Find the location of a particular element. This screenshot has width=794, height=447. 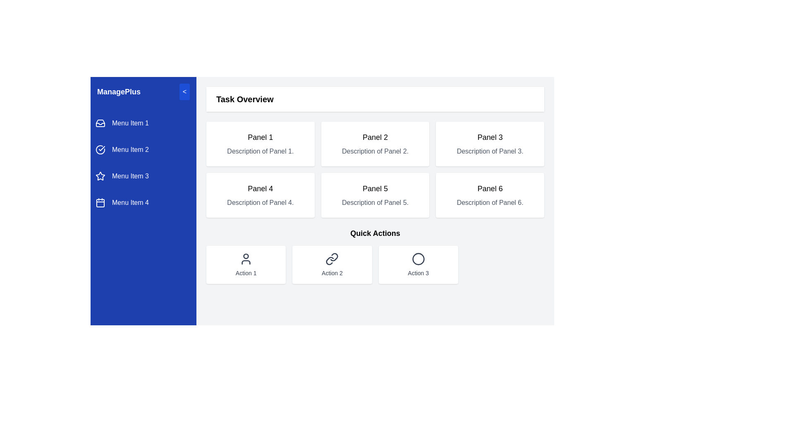

the first menu item in the vertical sidebar labeled 'Menu Item 1', which features an envelope icon and has a blue background with white text is located at coordinates (143, 123).